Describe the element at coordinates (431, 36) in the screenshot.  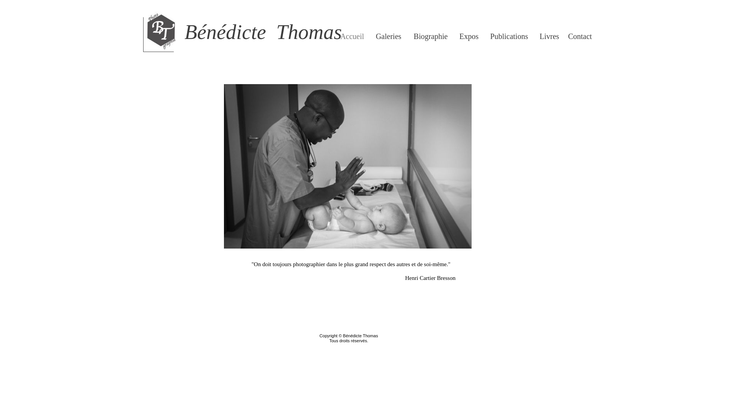
I see `'Biographie'` at that location.